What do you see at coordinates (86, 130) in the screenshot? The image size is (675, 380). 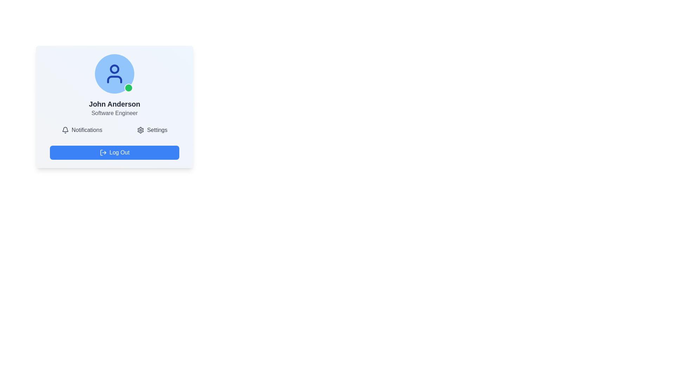 I see `'Notifications' label, which is displayed in dark gray font and is associated with a bell icon to its left` at bounding box center [86, 130].